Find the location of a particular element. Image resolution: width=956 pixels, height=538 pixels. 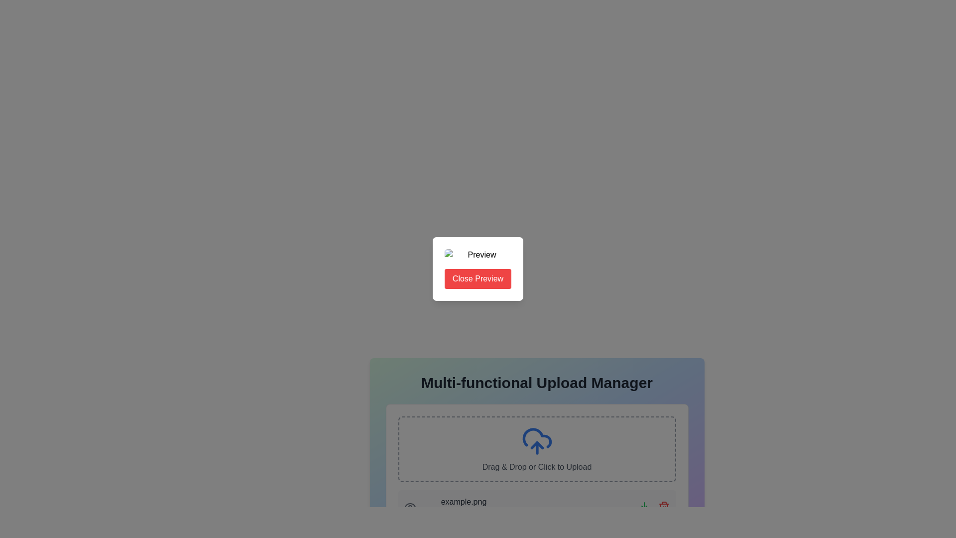

the trash can icon button on the far right side of the row of icons to observe the hover effect is located at coordinates (664, 507).